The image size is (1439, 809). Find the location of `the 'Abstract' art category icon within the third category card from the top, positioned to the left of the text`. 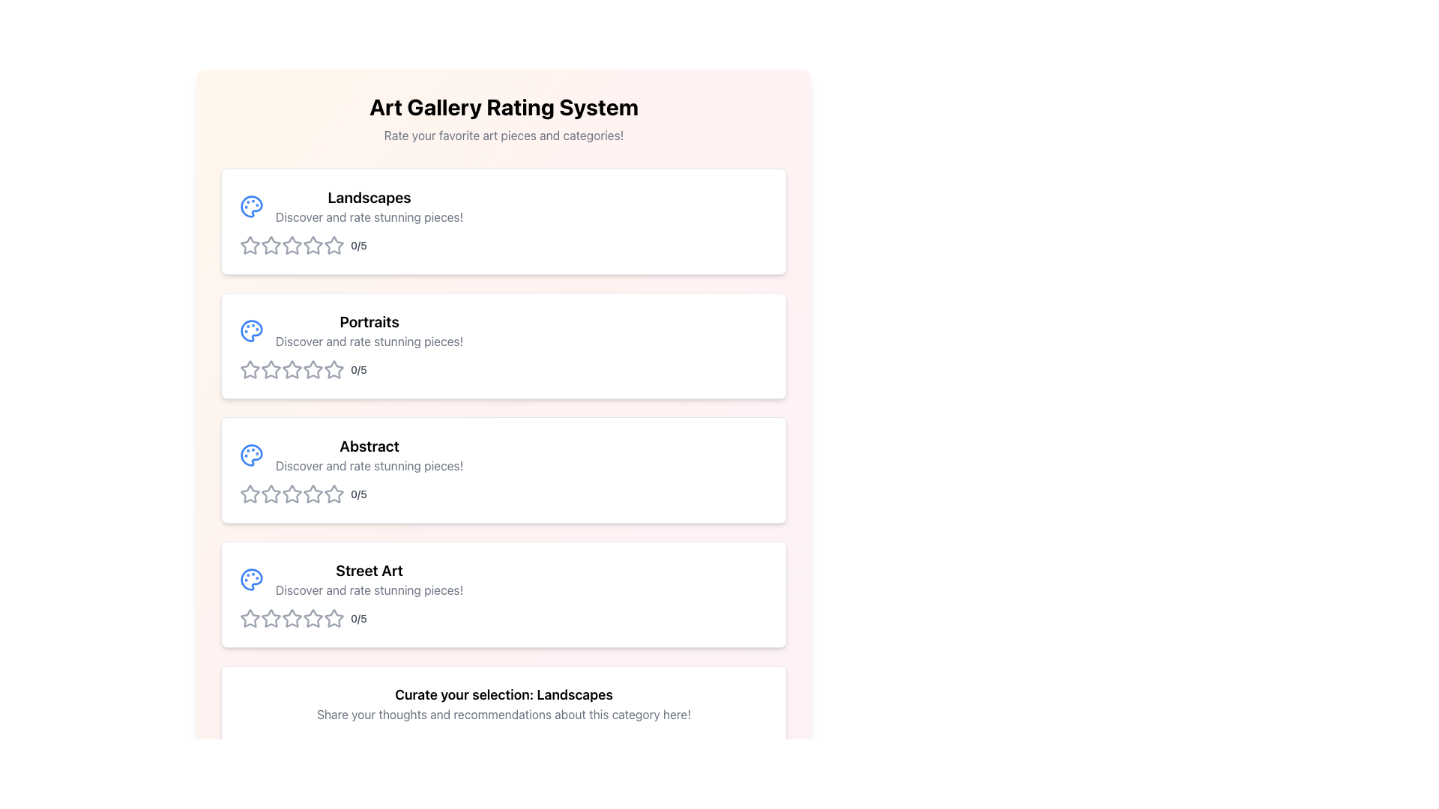

the 'Abstract' art category icon within the third category card from the top, positioned to the left of the text is located at coordinates (252, 455).